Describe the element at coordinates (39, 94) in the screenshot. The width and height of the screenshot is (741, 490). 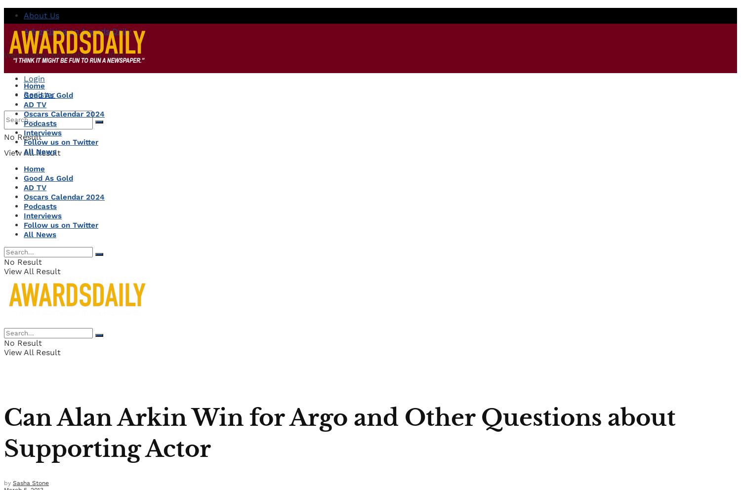
I see `'Register'` at that location.